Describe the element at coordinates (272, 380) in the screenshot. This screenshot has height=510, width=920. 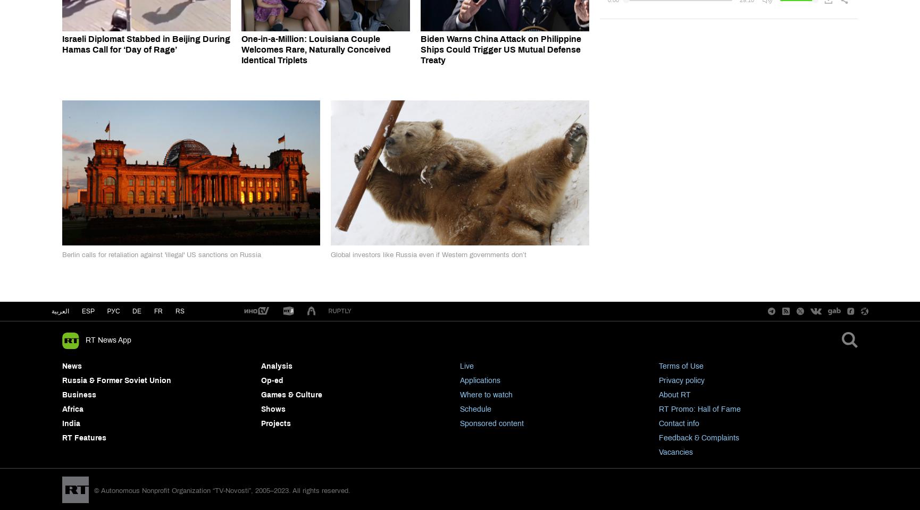
I see `'Op-ed'` at that location.